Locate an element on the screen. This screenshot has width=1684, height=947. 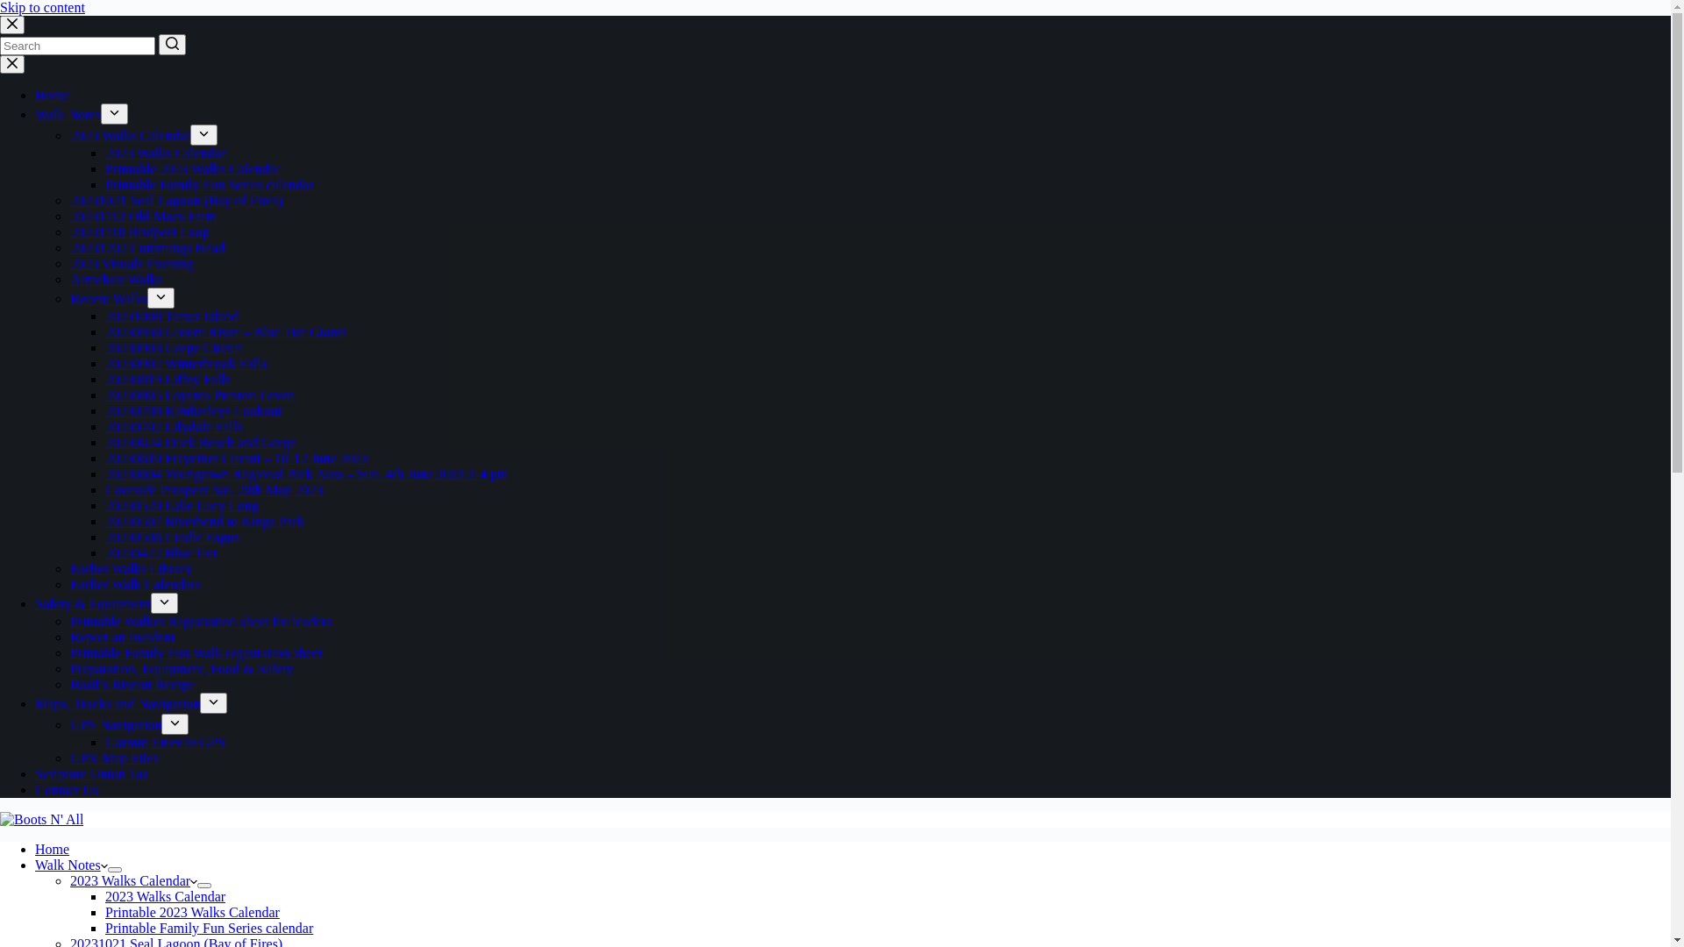
'Maps, Tracks and Navigation' is located at coordinates (117, 702).